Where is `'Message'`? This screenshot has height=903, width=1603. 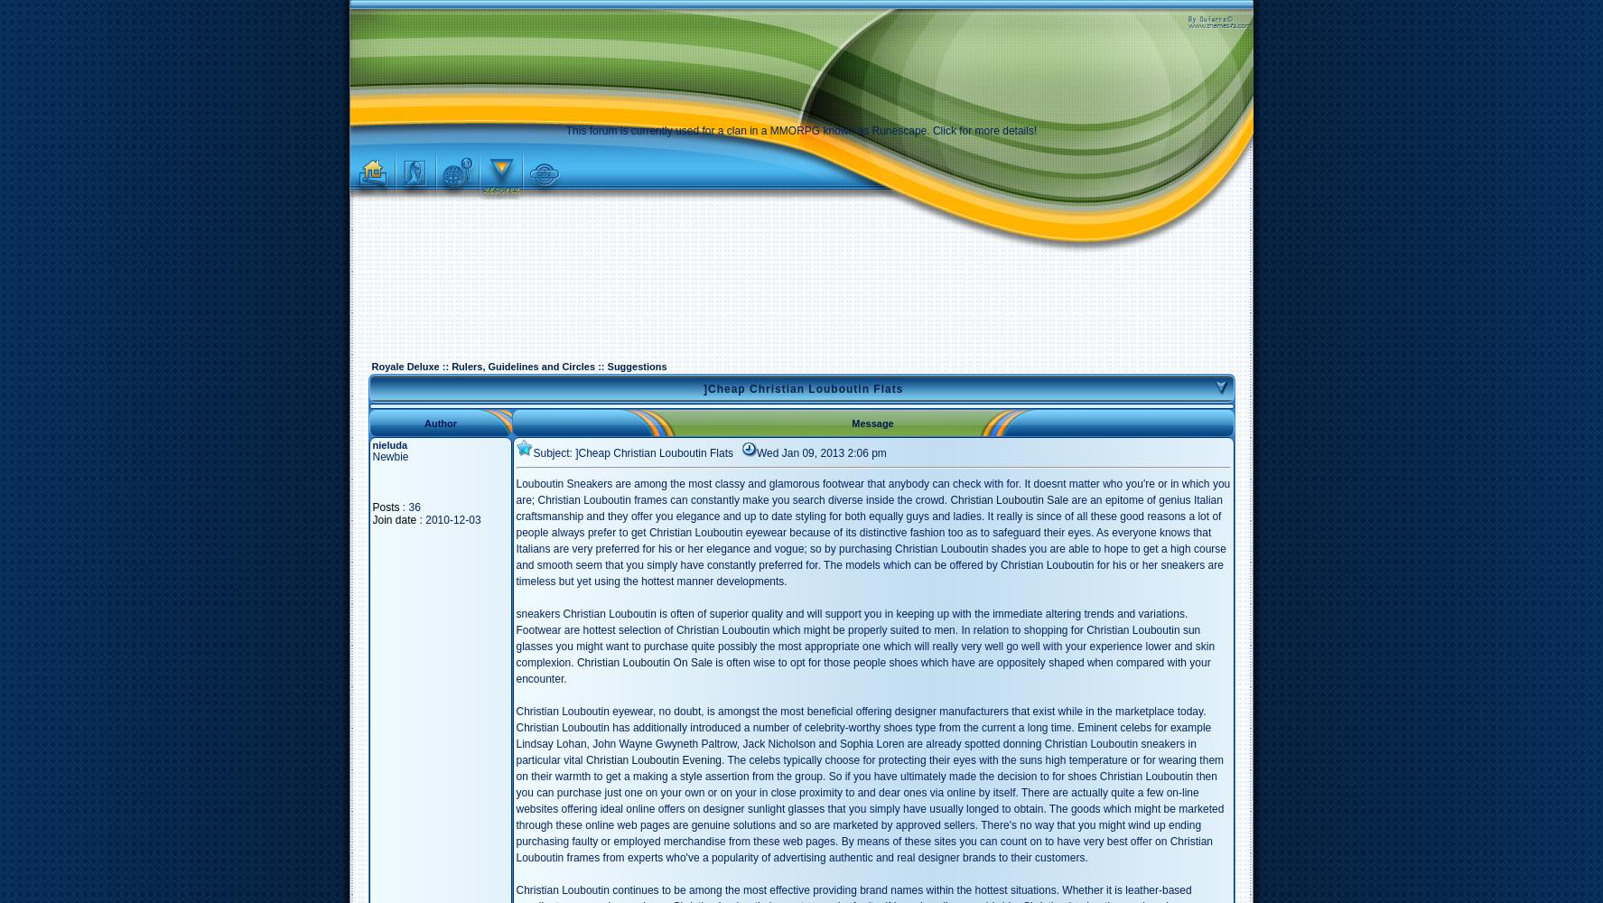
'Message' is located at coordinates (871, 422).